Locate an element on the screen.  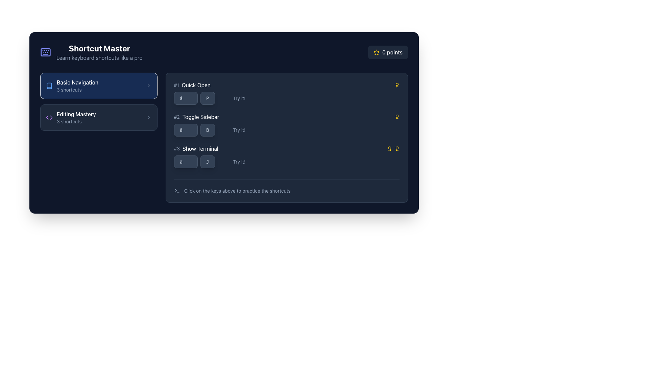
the static informational text that indicates the number of shortcuts available in the 'Basic Navigation' category, positioned below the 'Basic Navigation' text and aligned in the left column under the 'Shortcut Master' header is located at coordinates (77, 90).